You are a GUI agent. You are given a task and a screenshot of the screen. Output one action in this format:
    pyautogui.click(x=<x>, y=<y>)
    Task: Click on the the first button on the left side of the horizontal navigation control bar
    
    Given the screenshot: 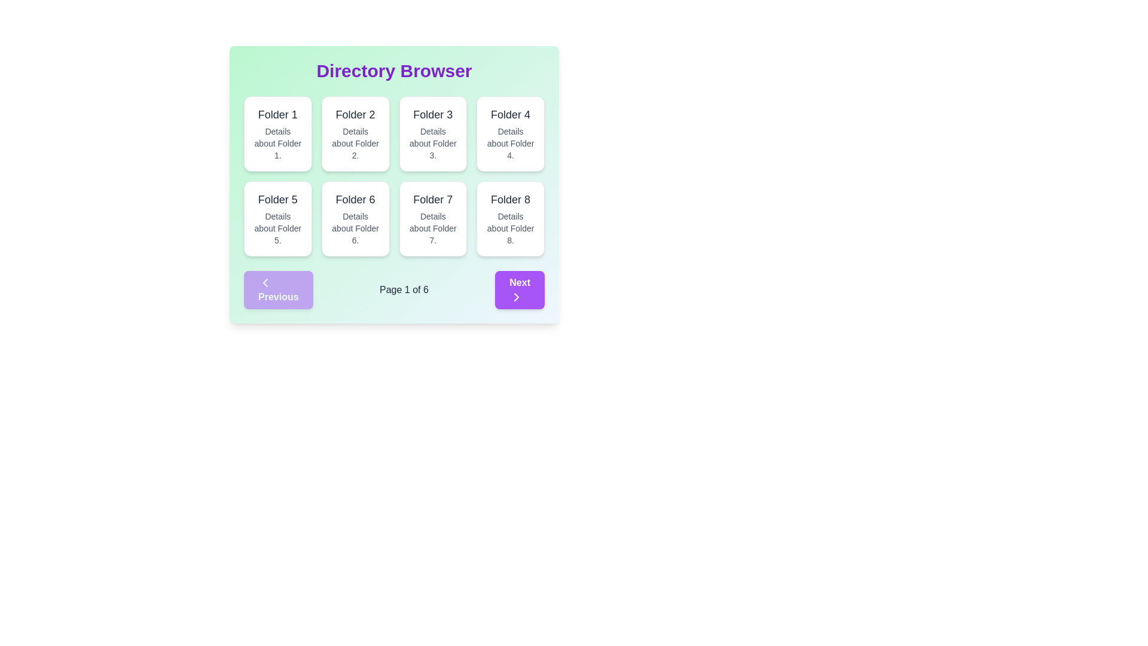 What is the action you would take?
    pyautogui.click(x=277, y=290)
    